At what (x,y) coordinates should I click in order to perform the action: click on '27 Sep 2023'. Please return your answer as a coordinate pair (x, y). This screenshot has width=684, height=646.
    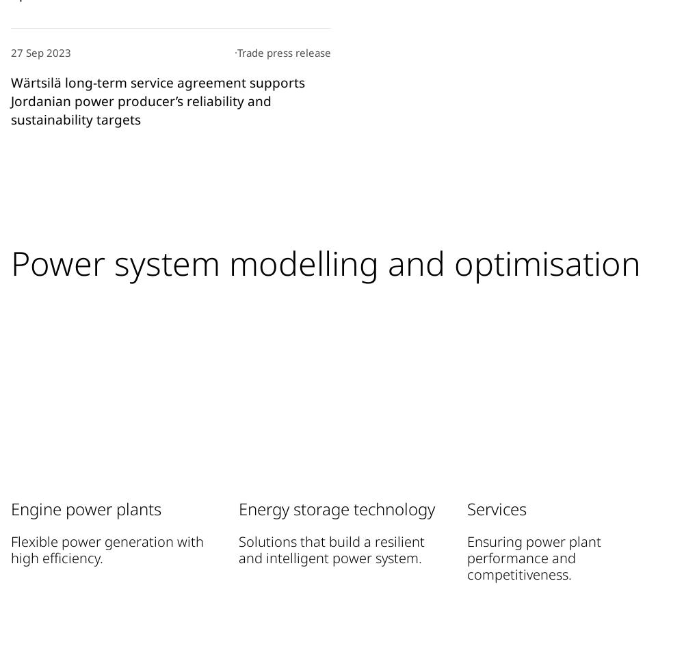
    Looking at the image, I should click on (41, 52).